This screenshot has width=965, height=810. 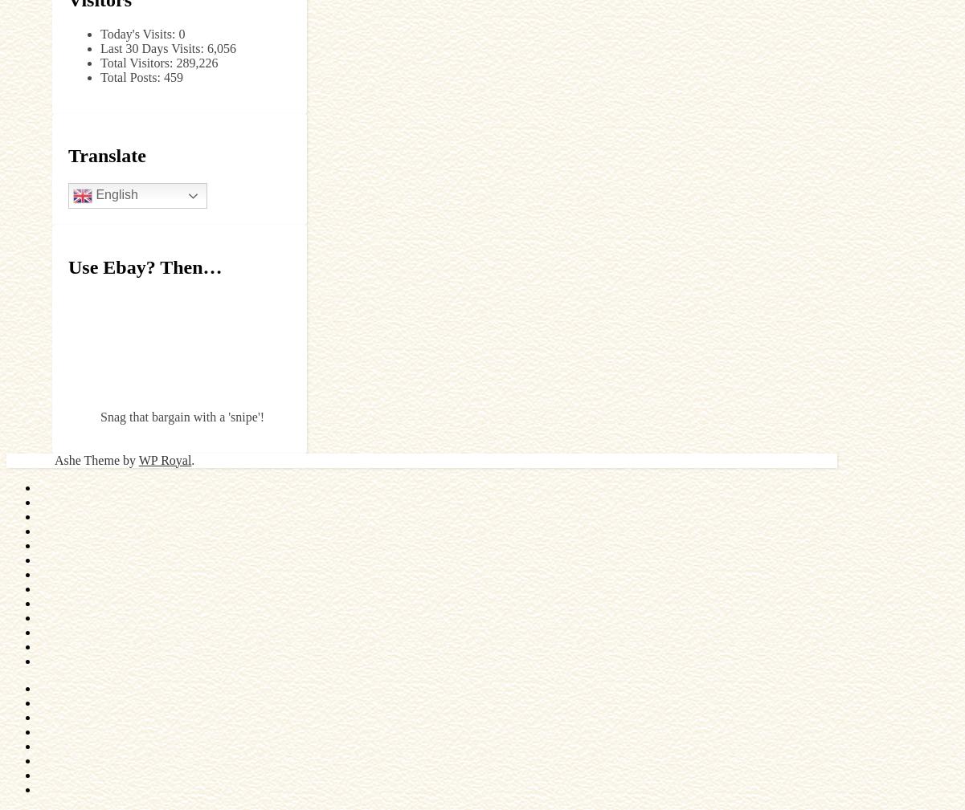 What do you see at coordinates (96, 459) in the screenshot?
I see `'Ashe Theme by'` at bounding box center [96, 459].